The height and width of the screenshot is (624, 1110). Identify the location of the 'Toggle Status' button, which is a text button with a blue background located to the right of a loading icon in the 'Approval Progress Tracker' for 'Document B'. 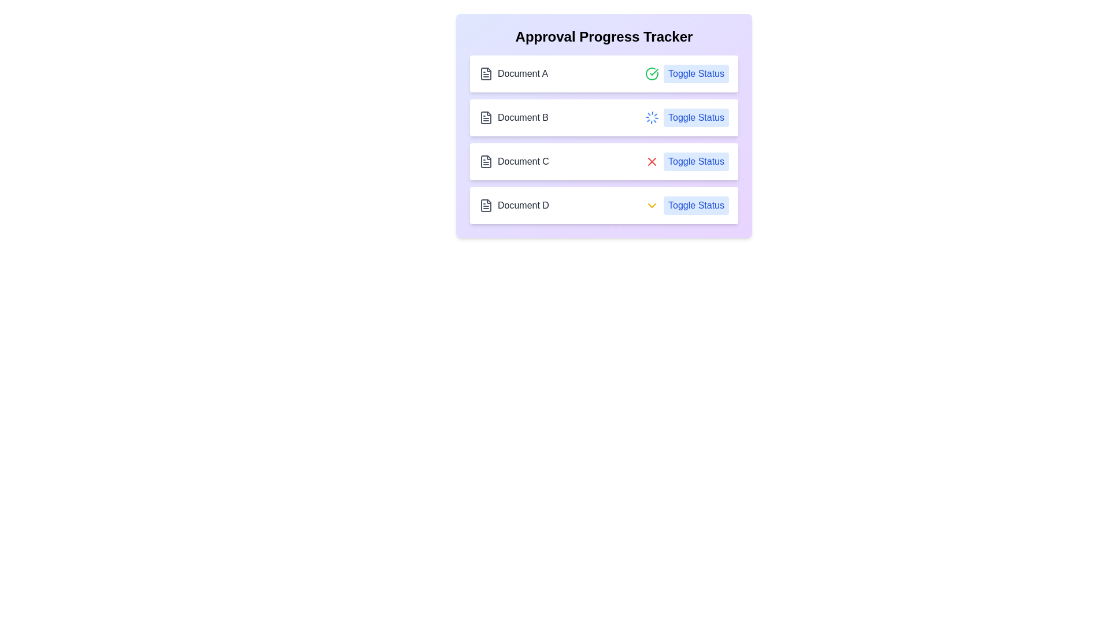
(687, 118).